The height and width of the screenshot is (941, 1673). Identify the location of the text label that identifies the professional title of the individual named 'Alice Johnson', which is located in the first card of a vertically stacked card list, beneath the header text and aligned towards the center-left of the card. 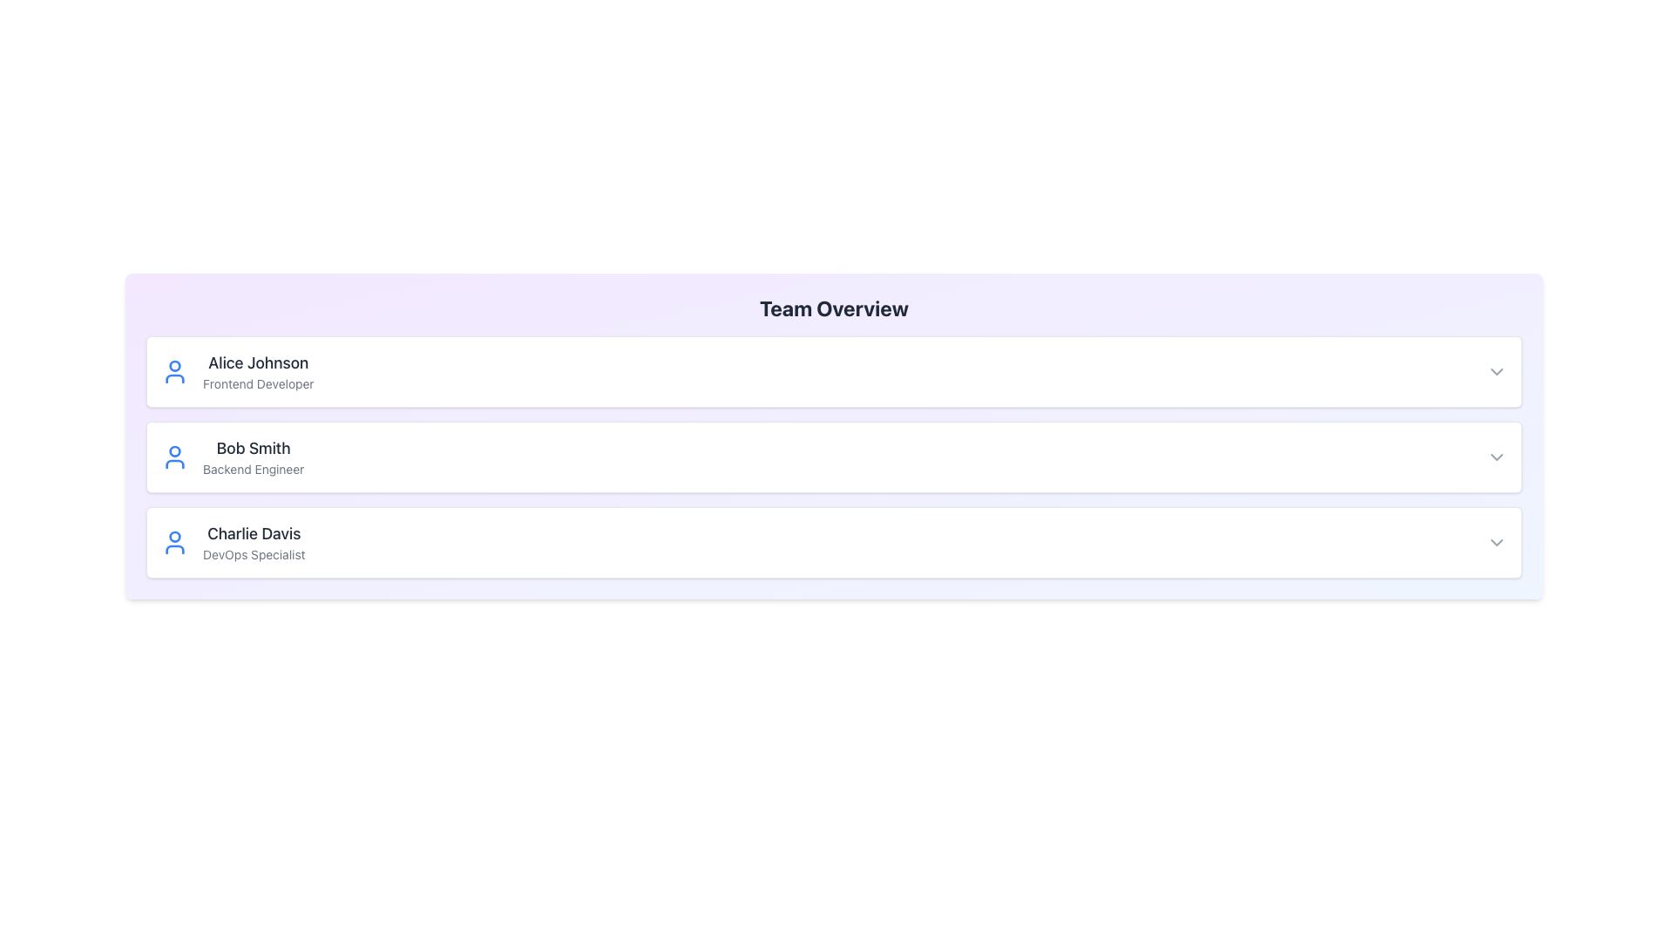
(257, 382).